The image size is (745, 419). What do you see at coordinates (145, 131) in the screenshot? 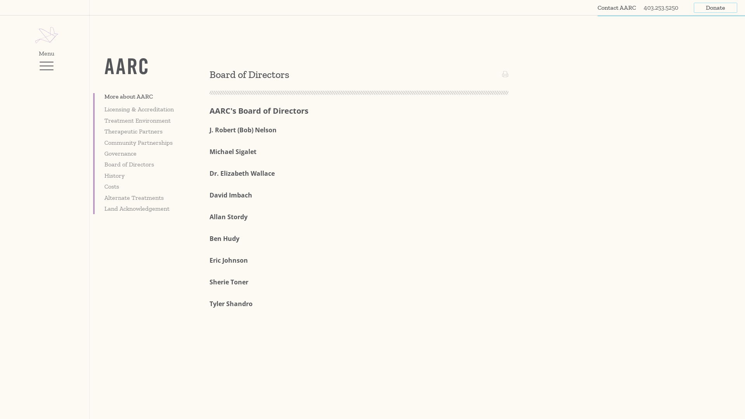
I see `'Therapeutic Partners'` at bounding box center [145, 131].